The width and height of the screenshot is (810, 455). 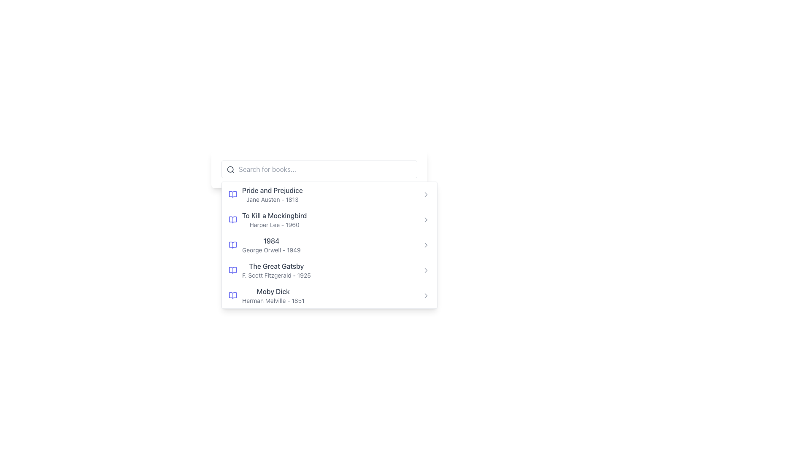 What do you see at coordinates (426, 295) in the screenshot?
I see `the chevron icon located at the far-right of the row representing 'Moby Dick' by Herman Melville` at bounding box center [426, 295].